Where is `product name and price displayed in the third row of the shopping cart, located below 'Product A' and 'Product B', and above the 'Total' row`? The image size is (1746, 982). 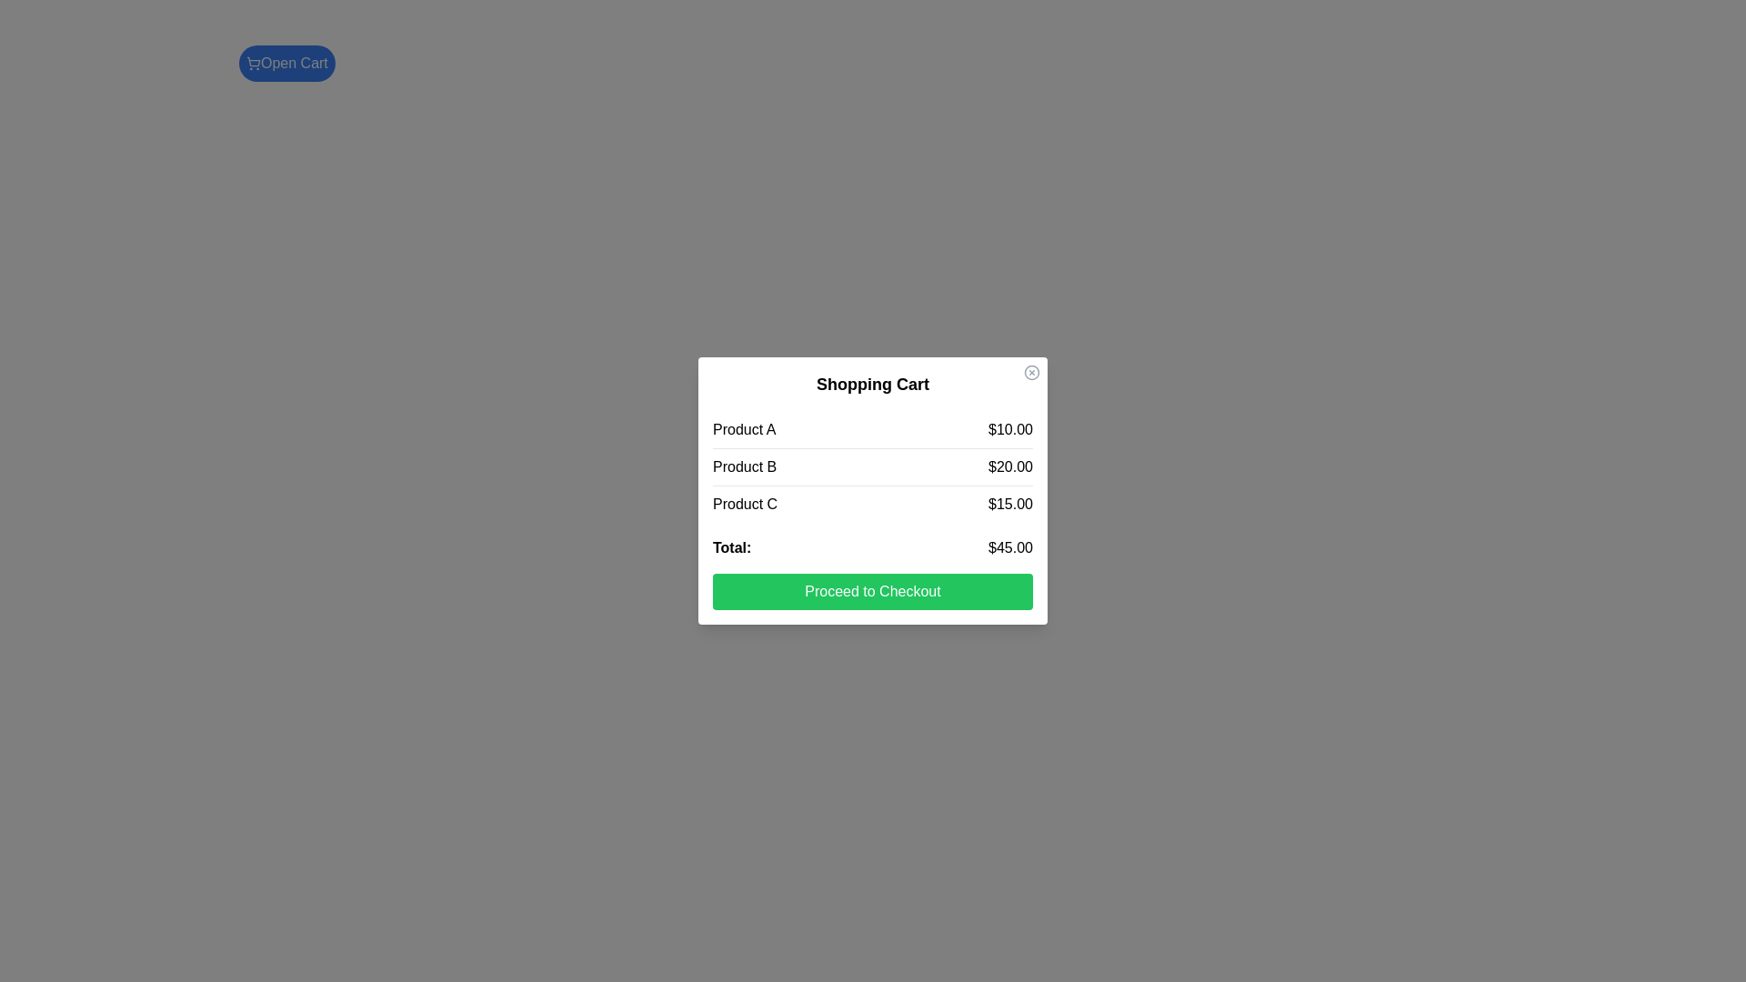
product name and price displayed in the third row of the shopping cart, located below 'Product A' and 'Product B', and above the 'Total' row is located at coordinates (873, 504).